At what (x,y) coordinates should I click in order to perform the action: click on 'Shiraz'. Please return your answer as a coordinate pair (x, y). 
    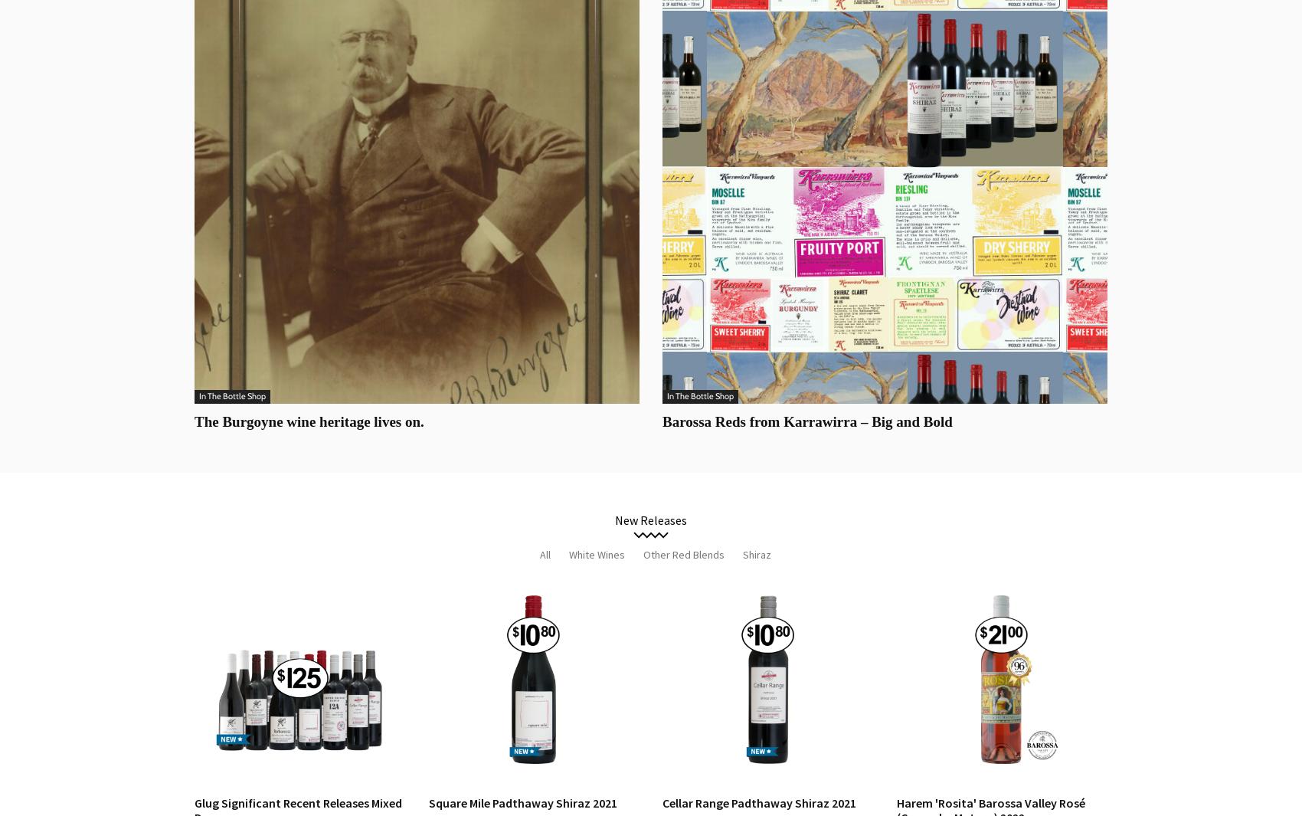
    Looking at the image, I should click on (756, 554).